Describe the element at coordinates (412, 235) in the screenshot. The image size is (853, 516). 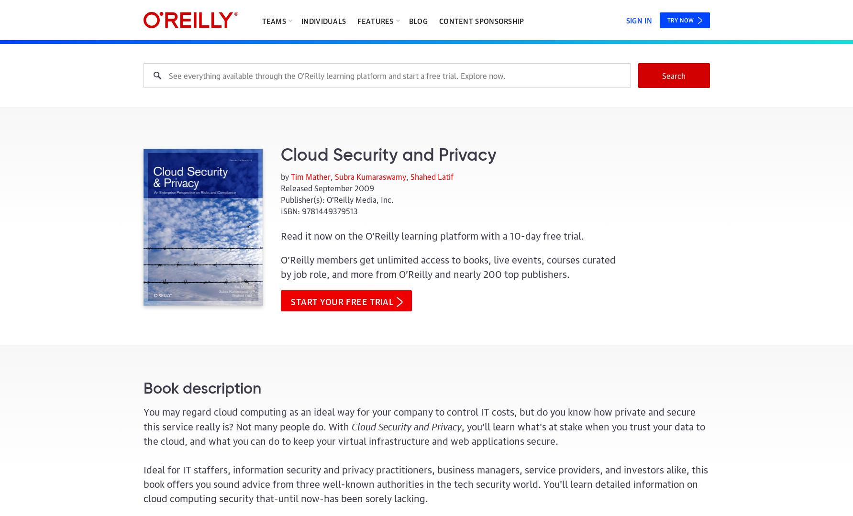
I see `'Read it now on the O’Reilly learning platform with a 10-day'` at that location.